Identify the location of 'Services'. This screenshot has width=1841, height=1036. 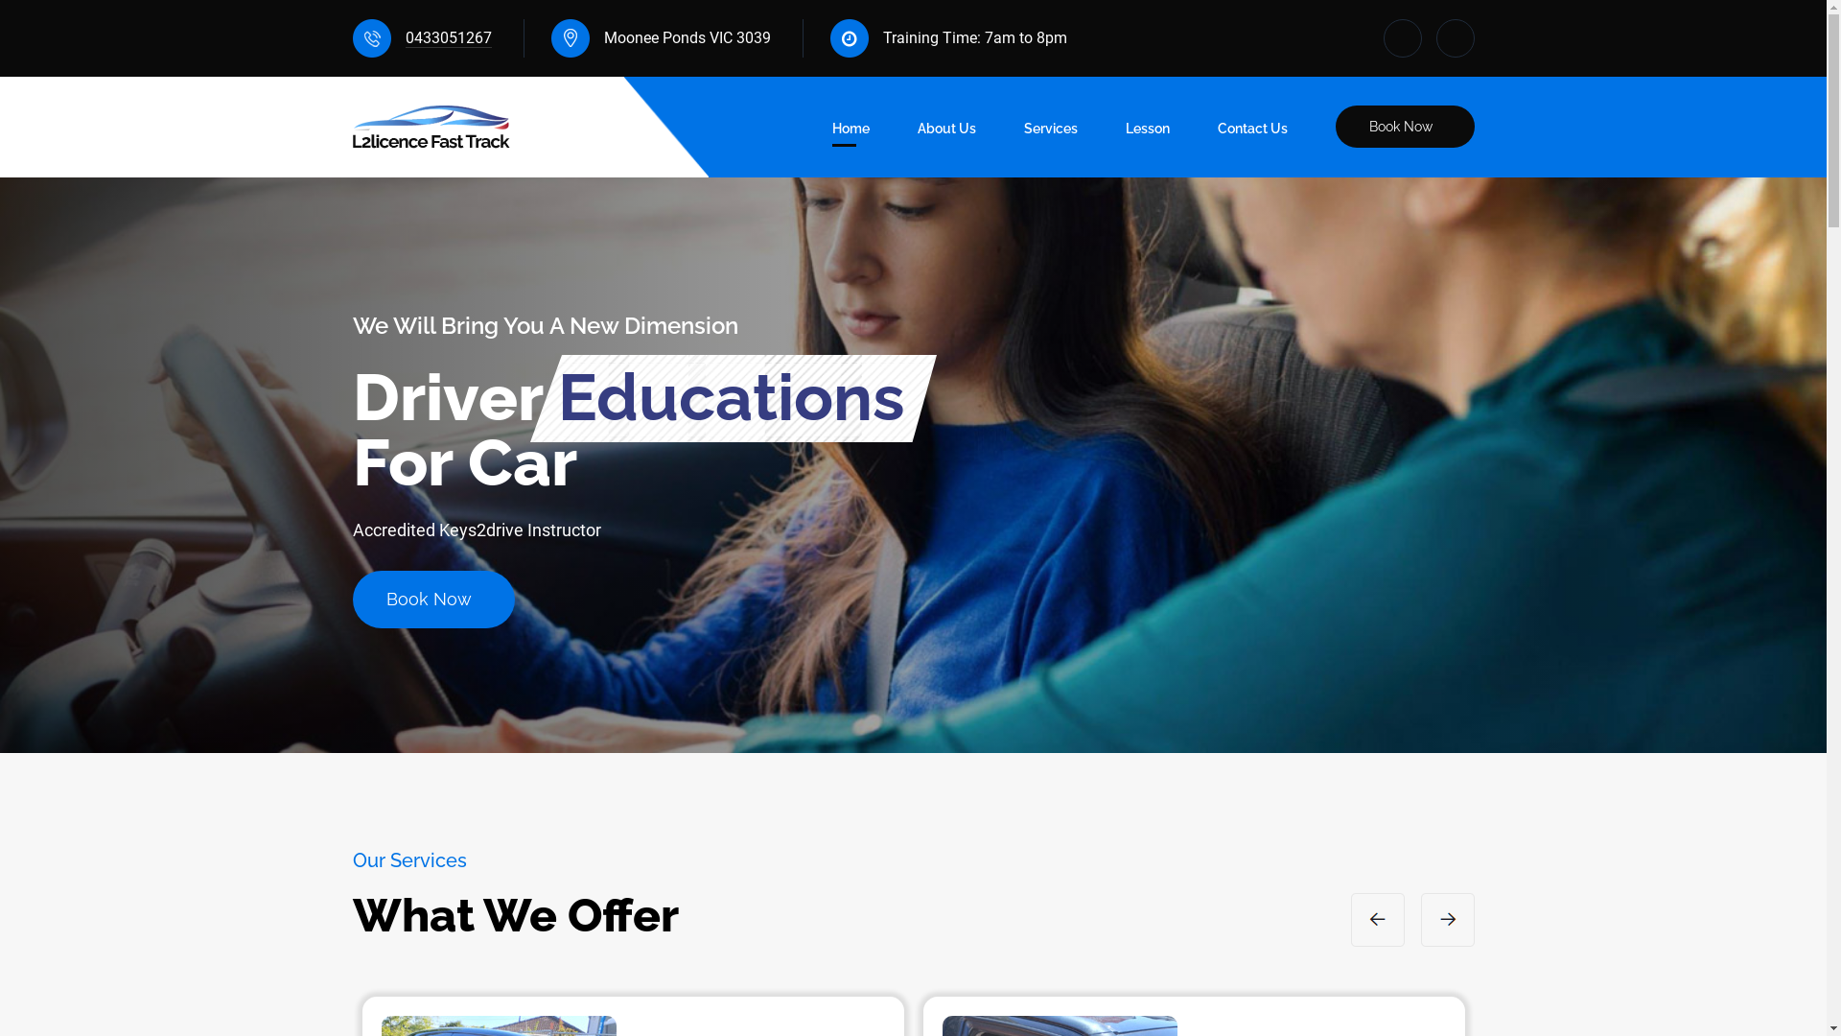
(1049, 131).